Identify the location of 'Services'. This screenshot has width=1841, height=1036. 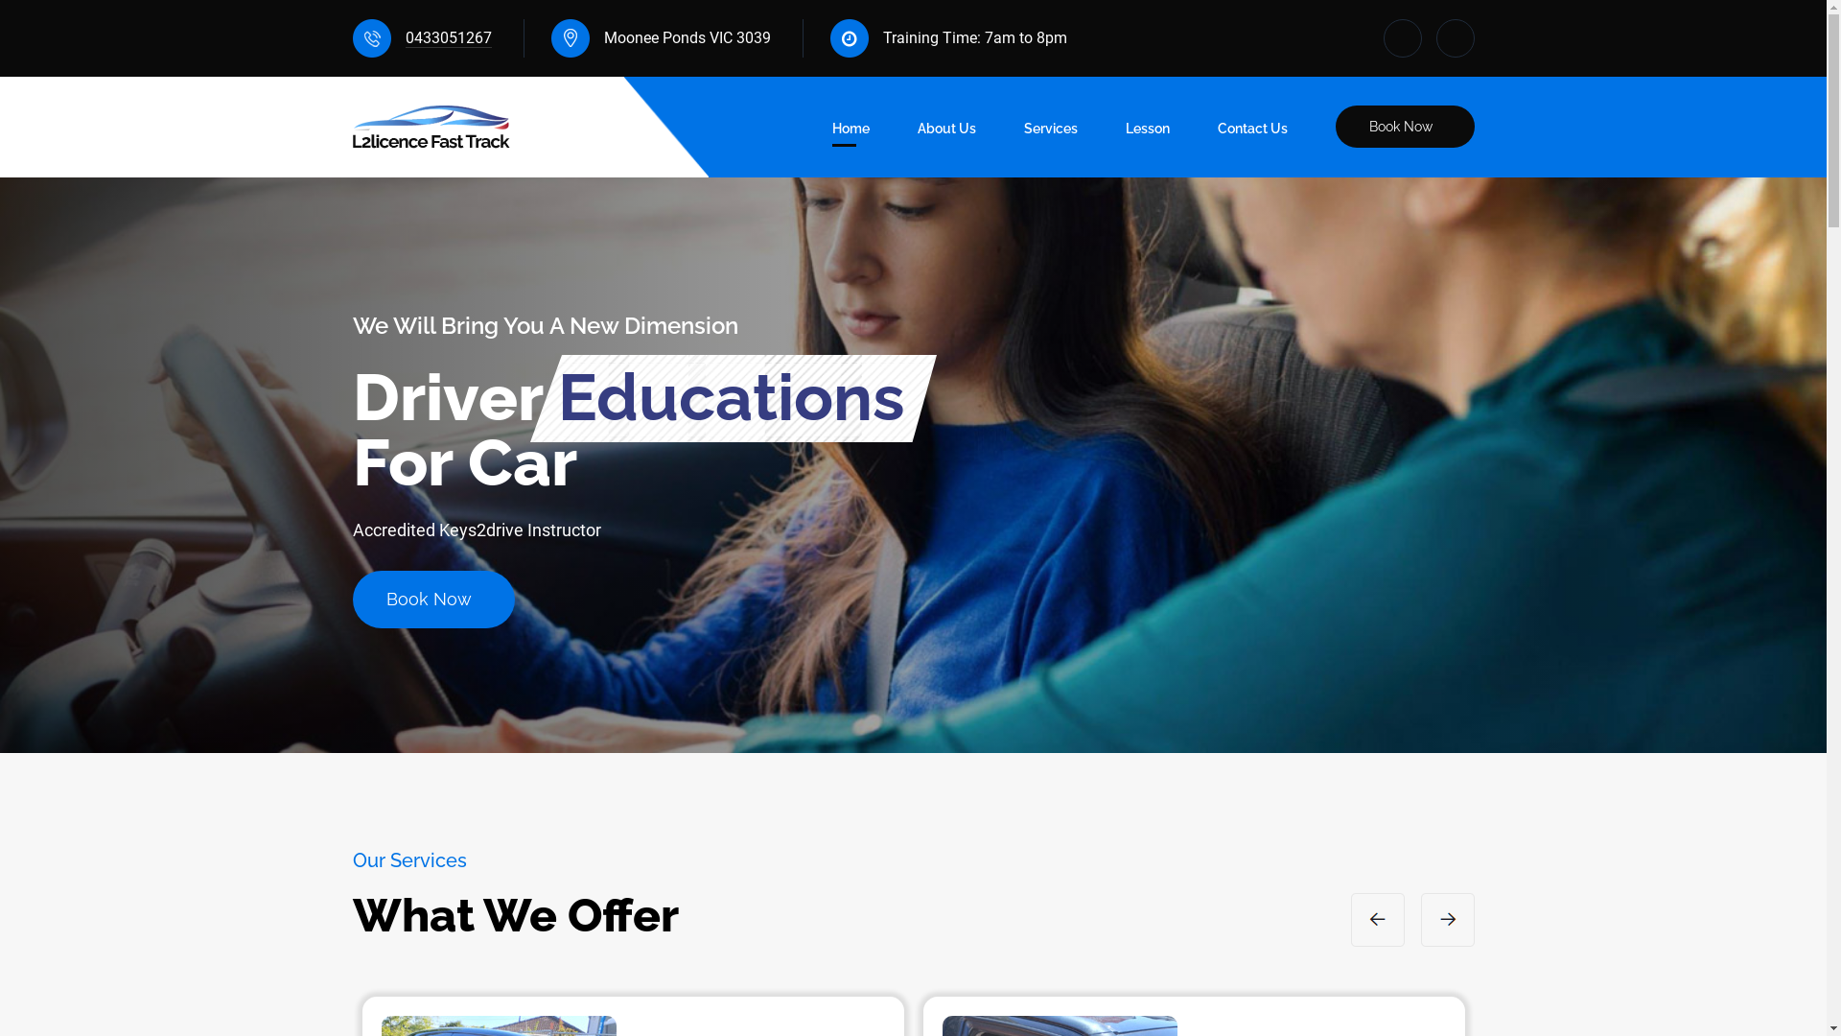
(1049, 131).